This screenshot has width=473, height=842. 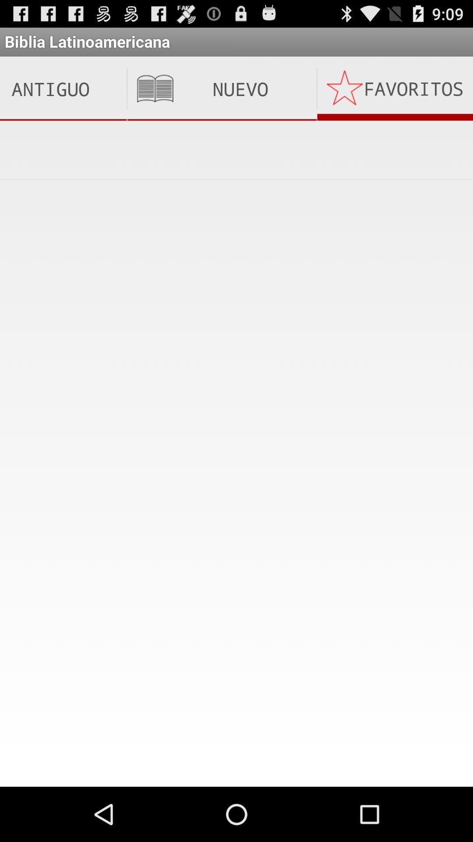 What do you see at coordinates (395, 89) in the screenshot?
I see `favoritos item` at bounding box center [395, 89].